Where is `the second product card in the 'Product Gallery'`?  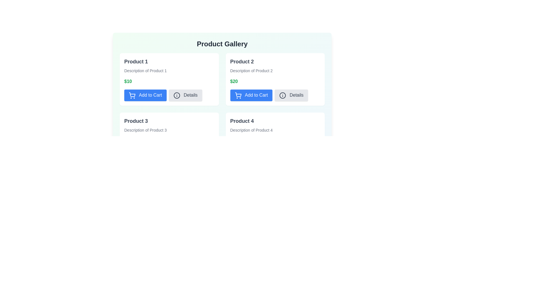 the second product card in the 'Product Gallery' is located at coordinates (222, 81).